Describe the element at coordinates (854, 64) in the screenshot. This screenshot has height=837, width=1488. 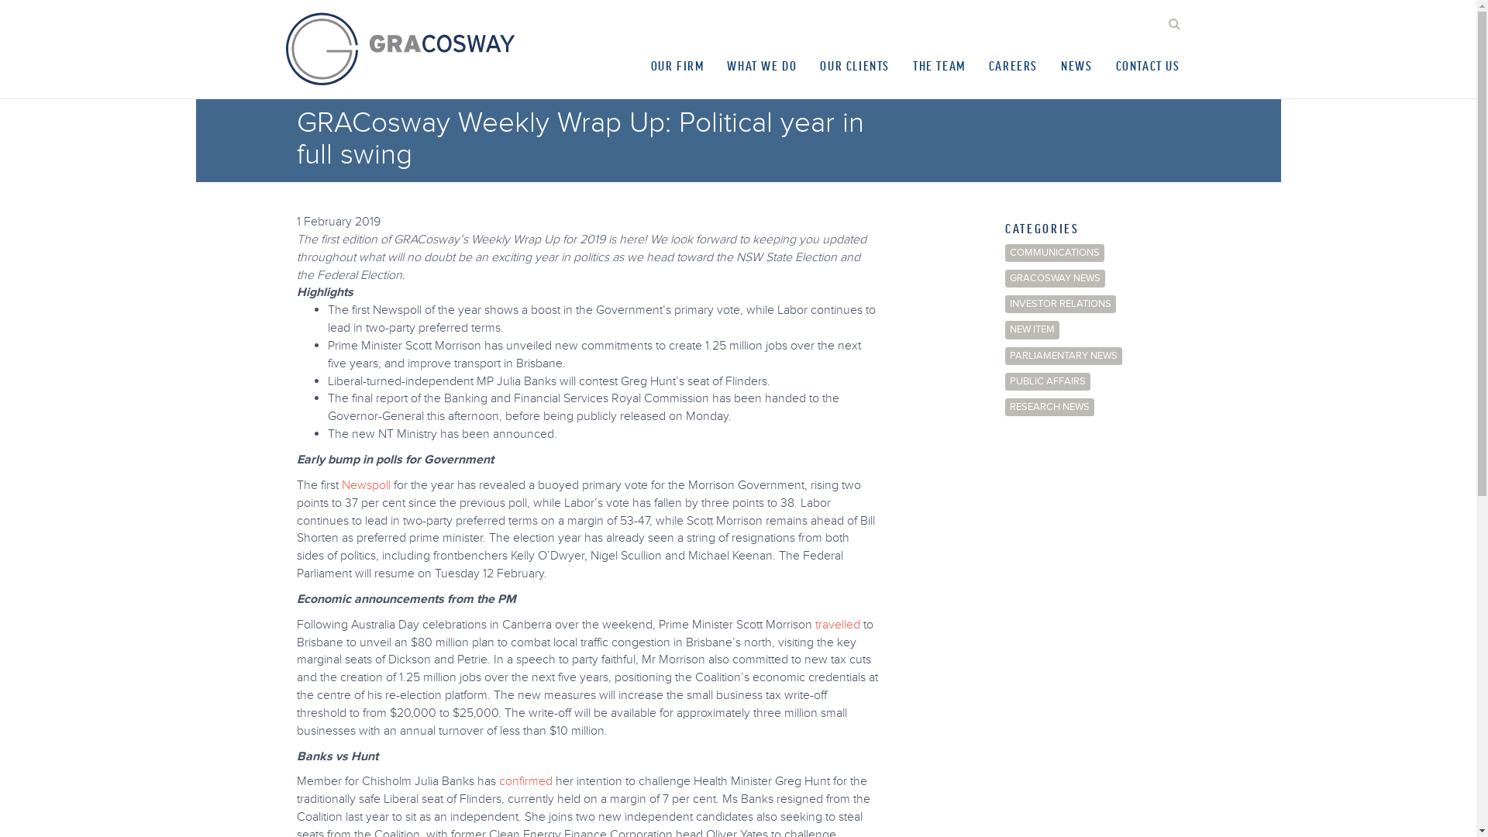
I see `'OUR CLIENTS'` at that location.